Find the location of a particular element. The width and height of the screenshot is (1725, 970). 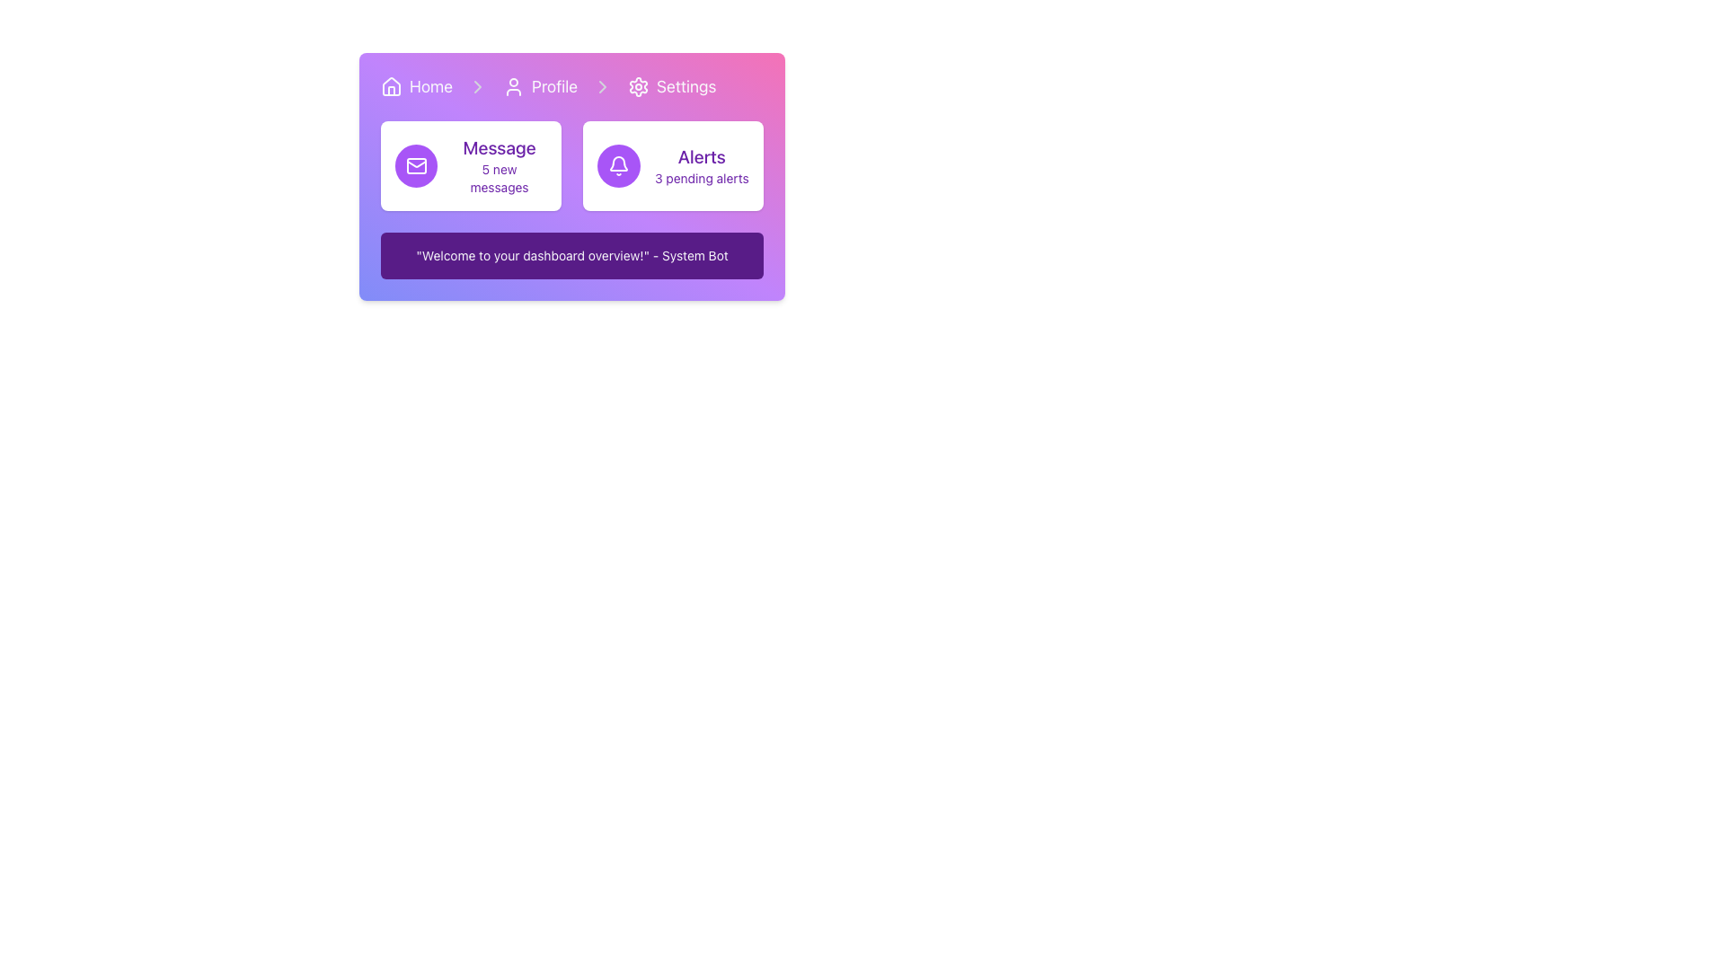

the Informational Banner located below the 'Message' and 'Alerts' cards on the main dashboard is located at coordinates (571, 256).